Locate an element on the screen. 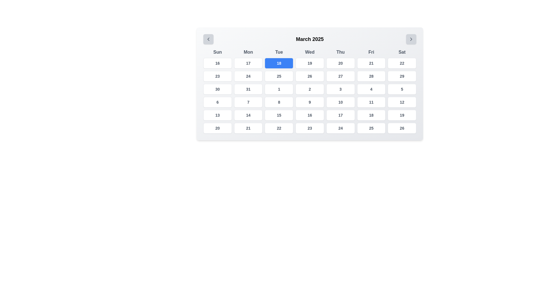 This screenshot has height=305, width=543. the calendar cell containing the text '12' in the fourth row and seventh column of the grid is located at coordinates (402, 102).